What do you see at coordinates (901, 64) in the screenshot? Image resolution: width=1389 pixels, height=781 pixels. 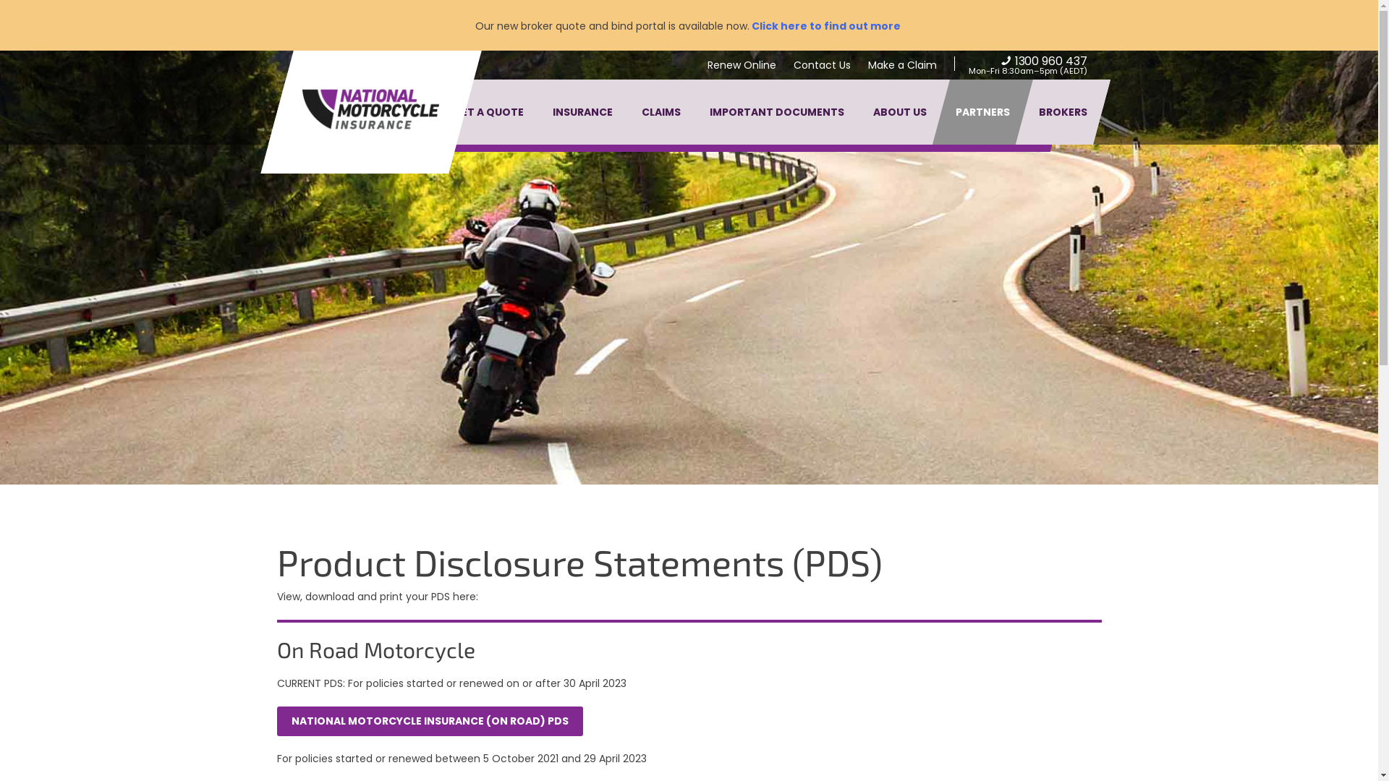 I see `'Make a Claim'` at bounding box center [901, 64].